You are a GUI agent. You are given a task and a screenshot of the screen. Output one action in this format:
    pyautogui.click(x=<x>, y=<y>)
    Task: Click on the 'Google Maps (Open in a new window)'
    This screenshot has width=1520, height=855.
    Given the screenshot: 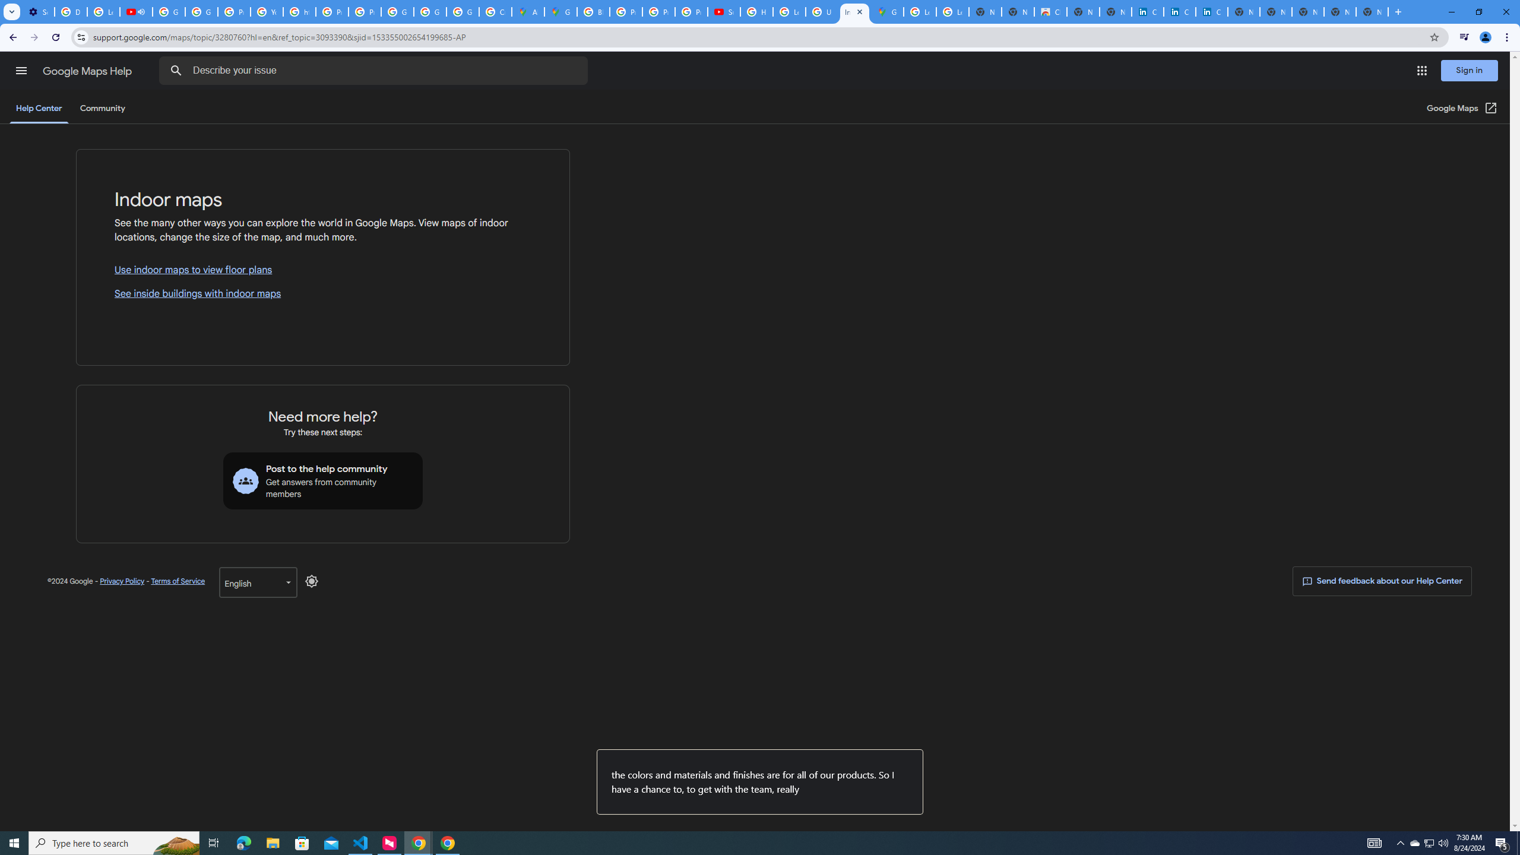 What is the action you would take?
    pyautogui.click(x=1462, y=107)
    